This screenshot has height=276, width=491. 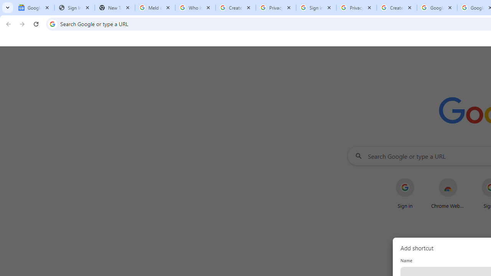 I want to click on 'Sign in - Google Accounts', so click(x=316, y=8).